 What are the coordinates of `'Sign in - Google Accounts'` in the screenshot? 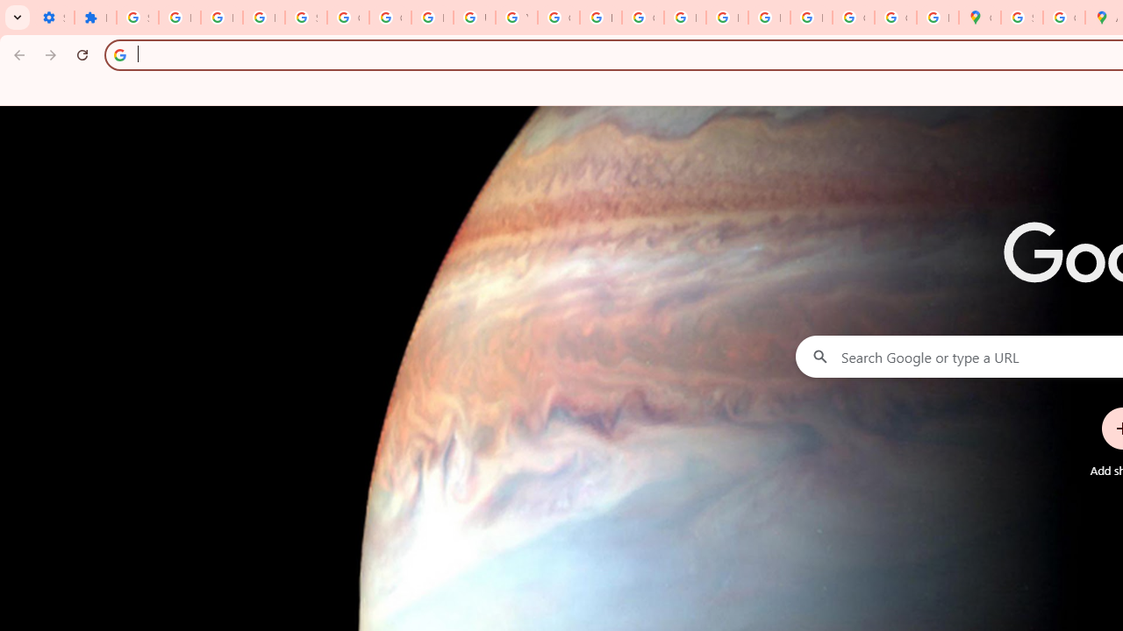 It's located at (136, 18).